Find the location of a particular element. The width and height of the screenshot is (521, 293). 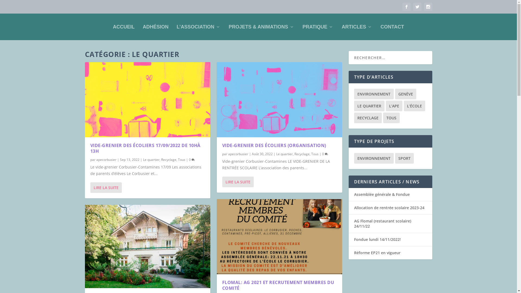

'SPORT' is located at coordinates (404, 158).